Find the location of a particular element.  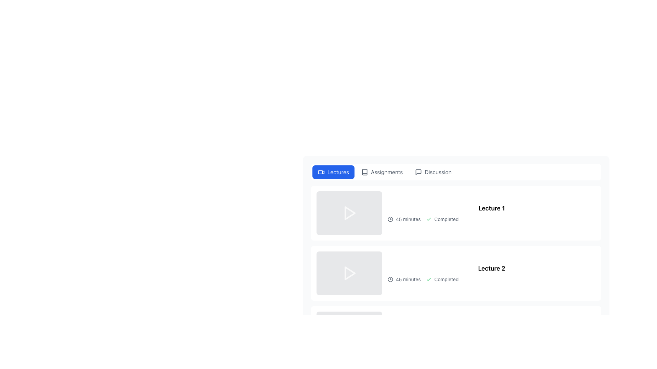

the small video icon with a blue background and white edges, which is located inside the 'Lectures' button, to the left of the button's text is located at coordinates (321, 172).